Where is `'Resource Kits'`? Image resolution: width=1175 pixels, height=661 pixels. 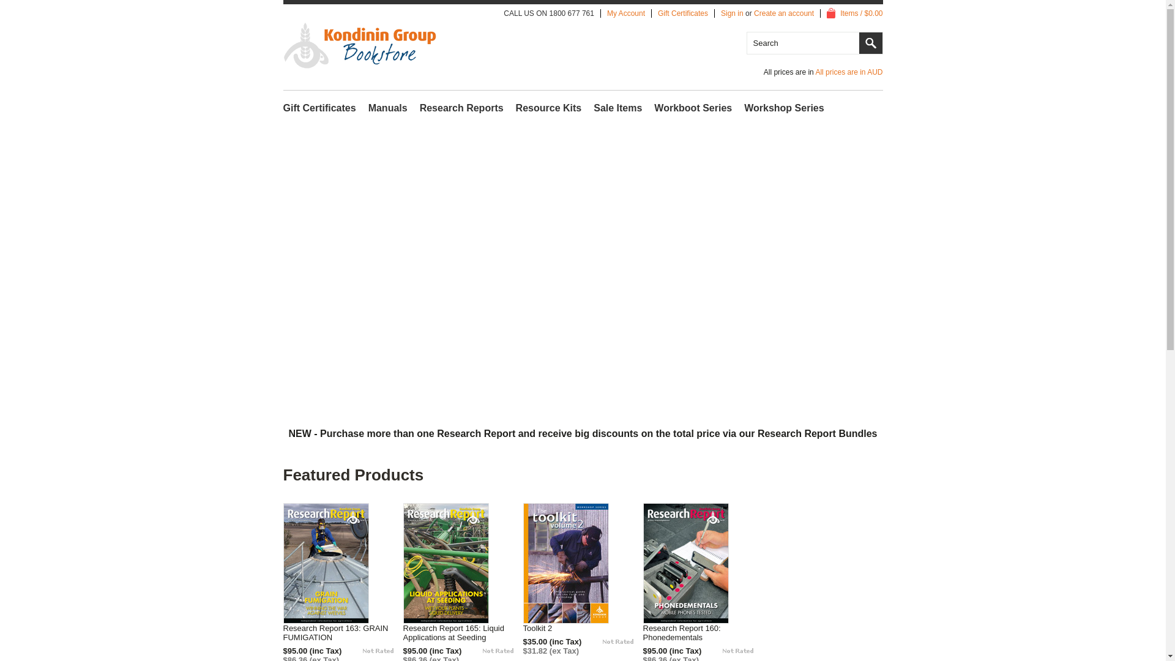
'Resource Kits' is located at coordinates (548, 108).